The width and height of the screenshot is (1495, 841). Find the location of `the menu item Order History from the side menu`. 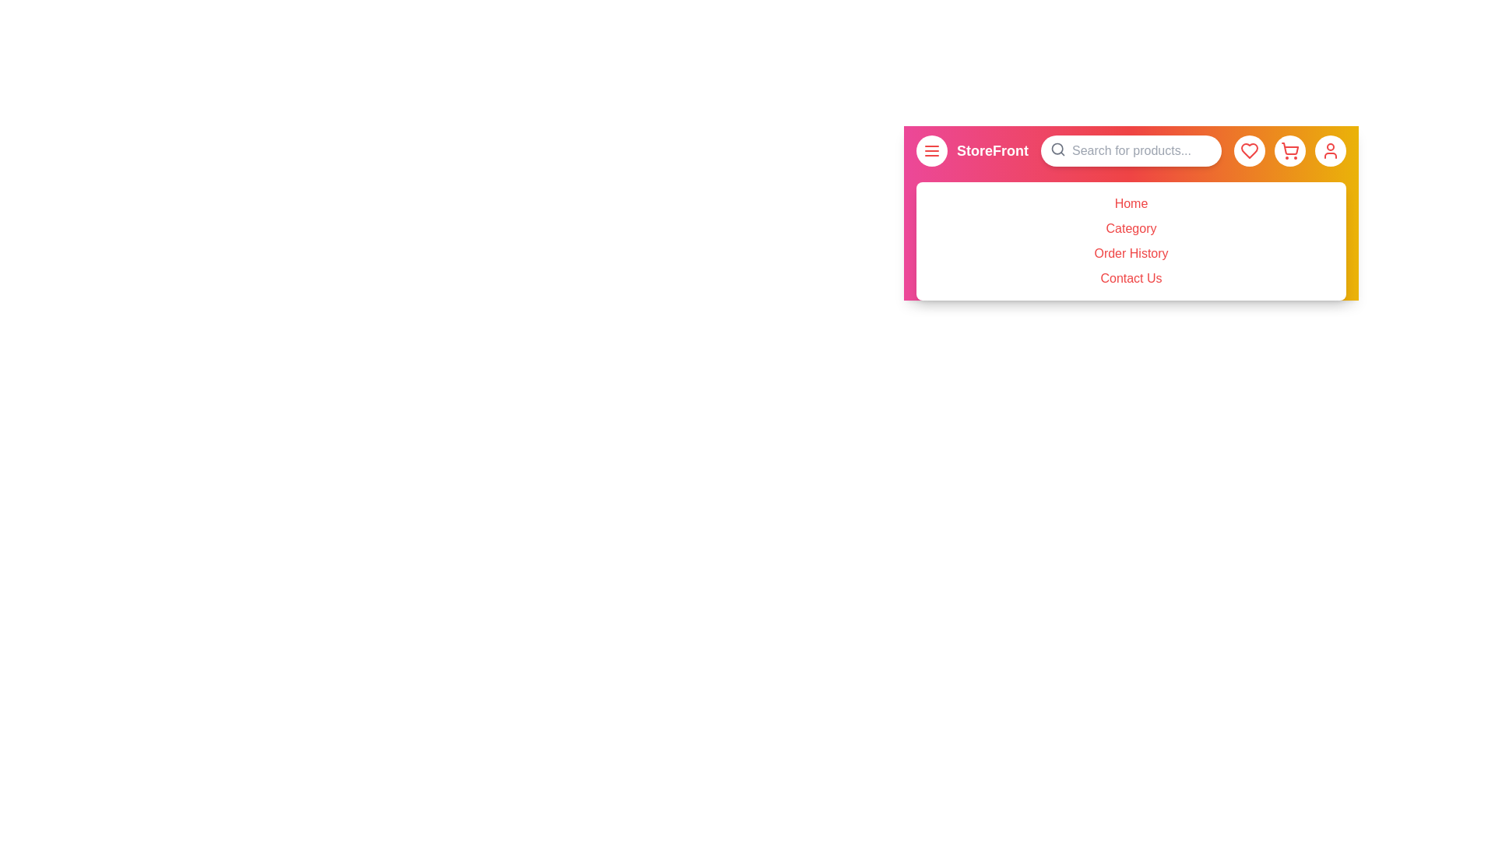

the menu item Order History from the side menu is located at coordinates (1131, 253).